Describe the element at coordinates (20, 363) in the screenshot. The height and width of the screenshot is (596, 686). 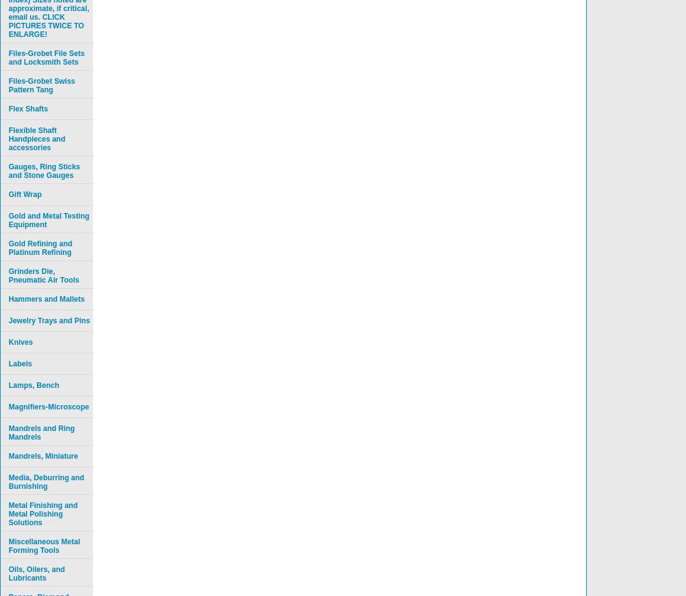
I see `'Labels'` at that location.